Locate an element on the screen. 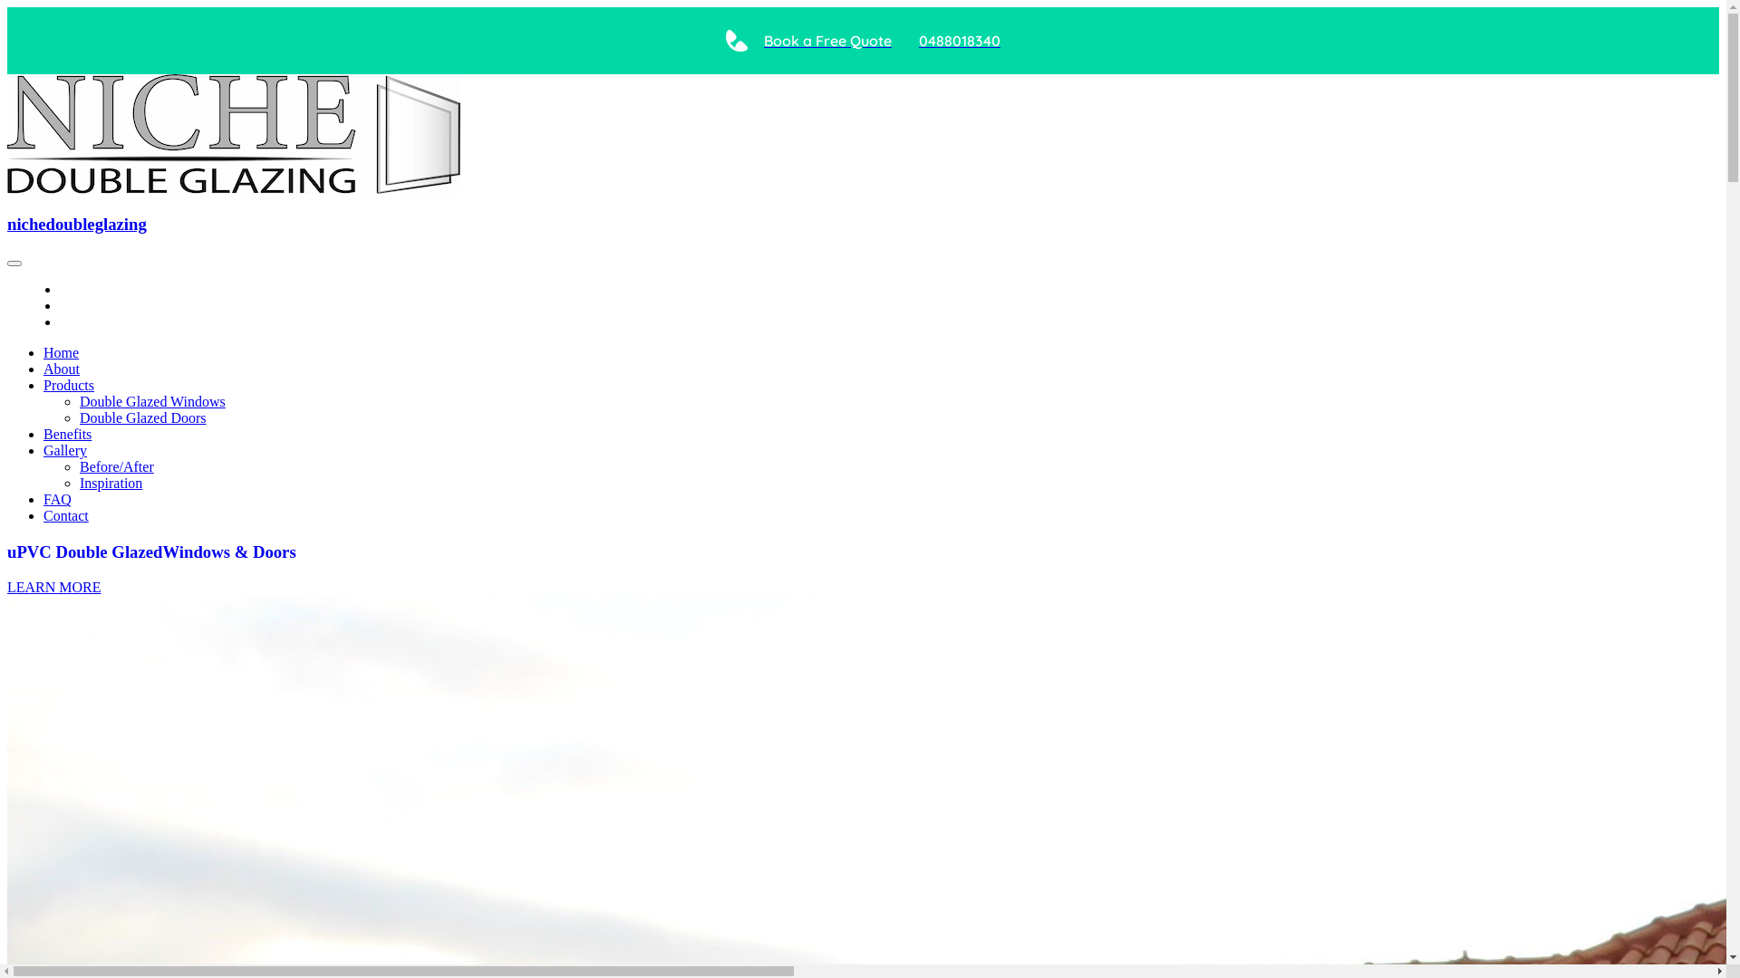 The height and width of the screenshot is (978, 1740). 'Book a Free Quote is located at coordinates (862, 41).